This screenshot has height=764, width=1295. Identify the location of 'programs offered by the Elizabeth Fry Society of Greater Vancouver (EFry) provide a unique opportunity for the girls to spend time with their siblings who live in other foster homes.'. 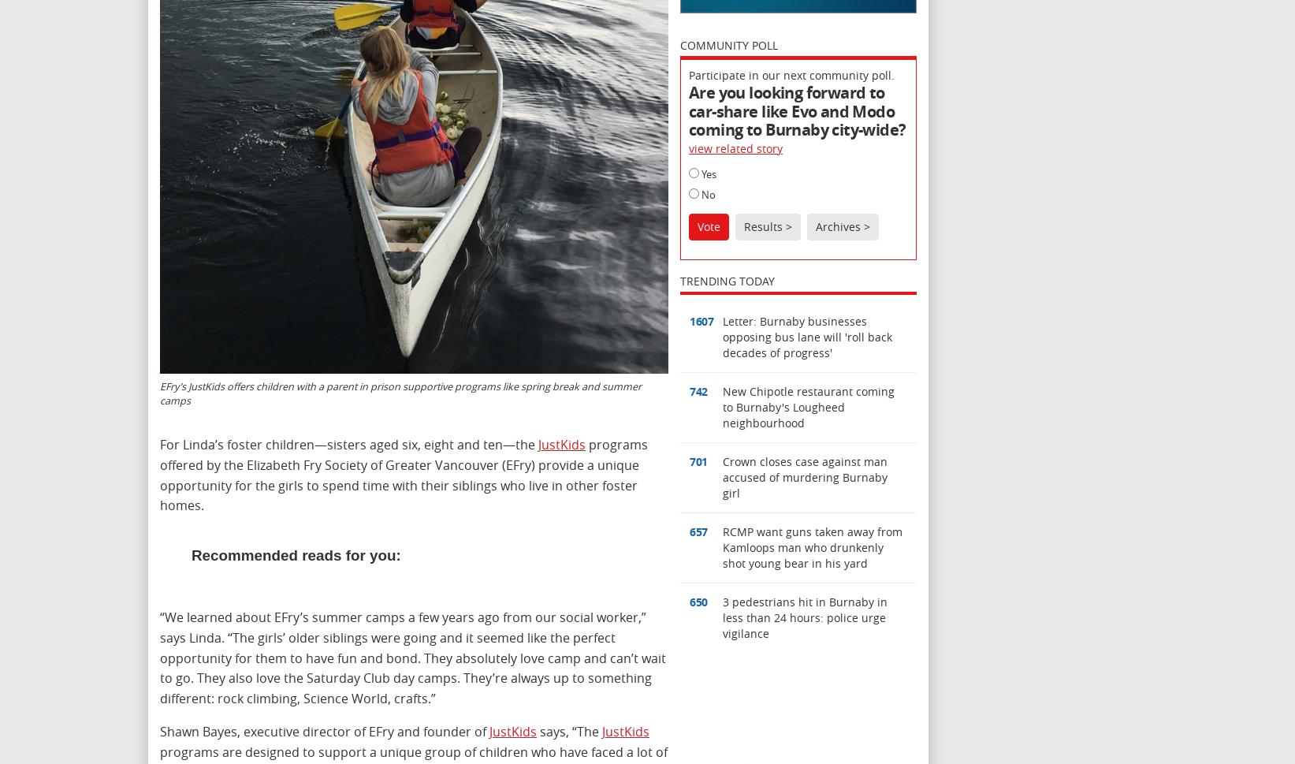
(403, 474).